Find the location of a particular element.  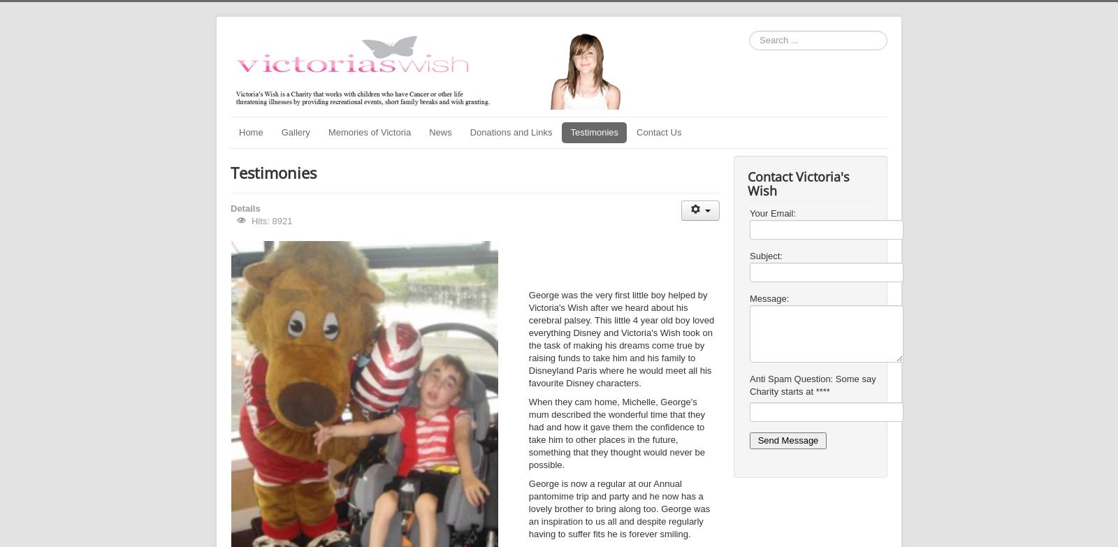

'Memories of Victoria' is located at coordinates (368, 132).